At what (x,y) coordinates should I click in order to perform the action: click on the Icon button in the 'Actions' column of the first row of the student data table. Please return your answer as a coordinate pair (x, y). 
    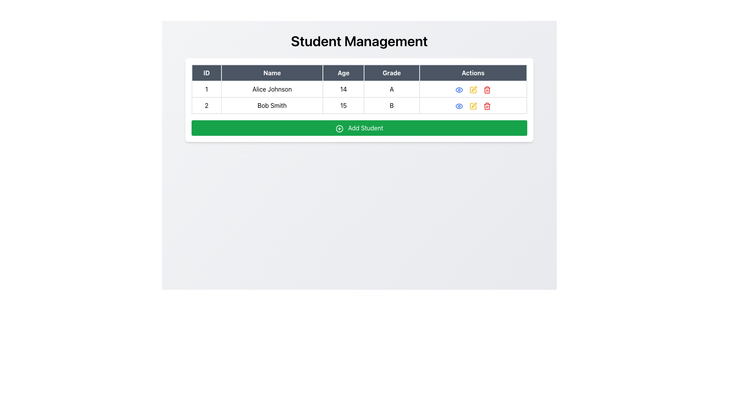
    Looking at the image, I should click on (459, 89).